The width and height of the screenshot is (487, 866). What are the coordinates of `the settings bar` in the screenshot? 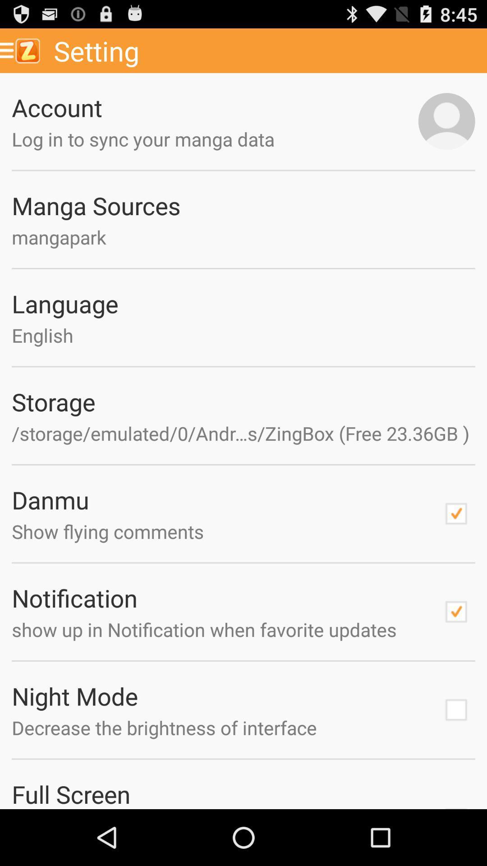 It's located at (267, 50).